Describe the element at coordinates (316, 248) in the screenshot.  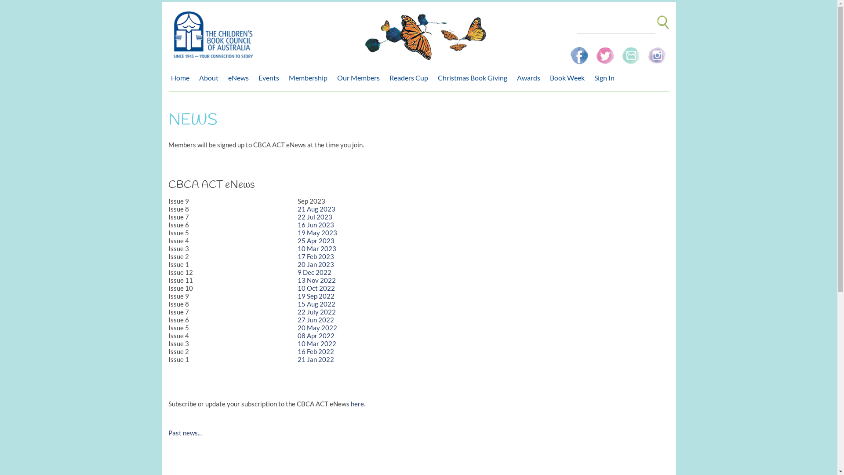
I see `'10 Mar 2023'` at that location.